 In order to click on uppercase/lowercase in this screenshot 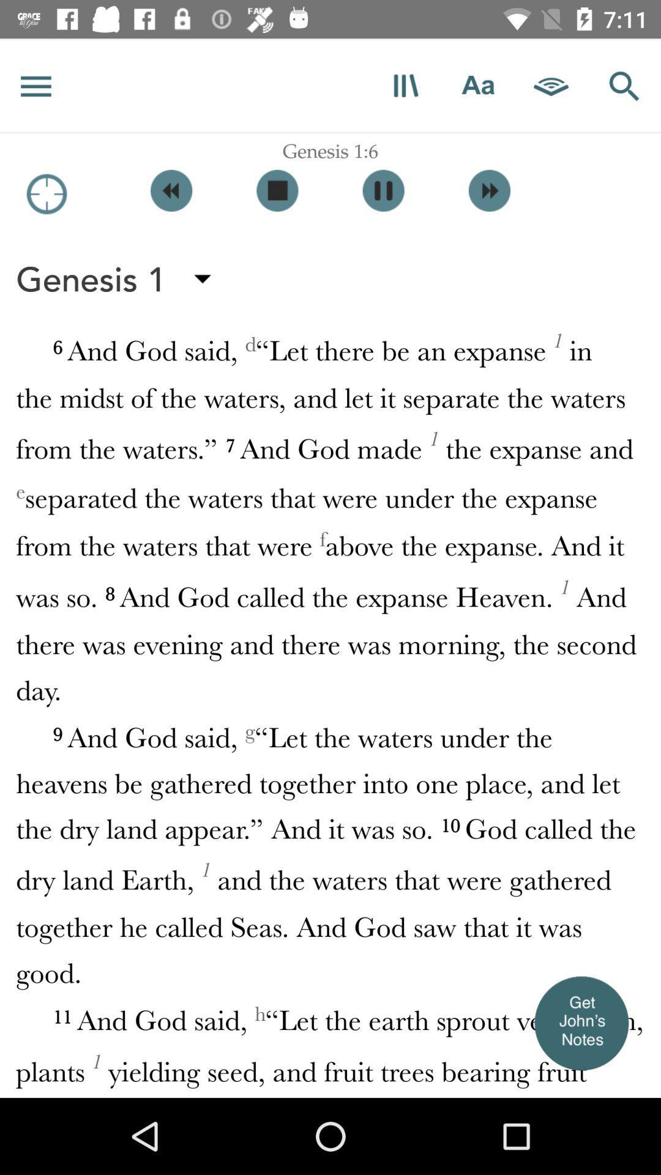, I will do `click(477, 85)`.